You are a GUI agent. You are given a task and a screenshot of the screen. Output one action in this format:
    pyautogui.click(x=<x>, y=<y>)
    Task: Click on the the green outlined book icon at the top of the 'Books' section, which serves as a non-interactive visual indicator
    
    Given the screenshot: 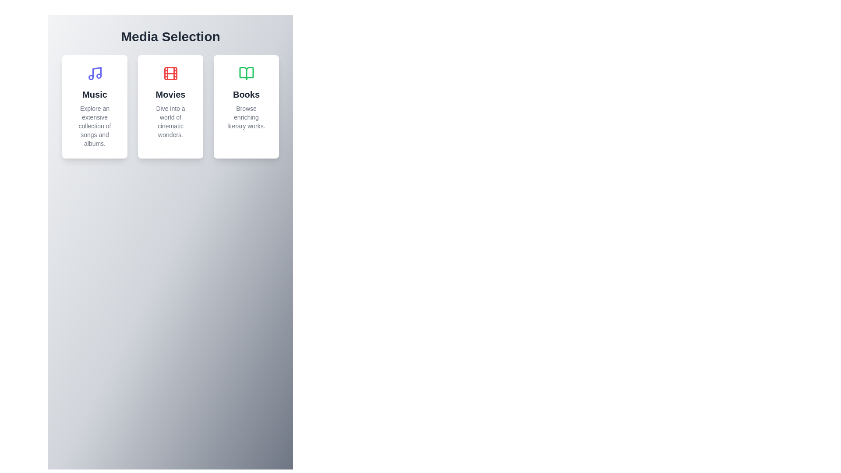 What is the action you would take?
    pyautogui.click(x=246, y=73)
    